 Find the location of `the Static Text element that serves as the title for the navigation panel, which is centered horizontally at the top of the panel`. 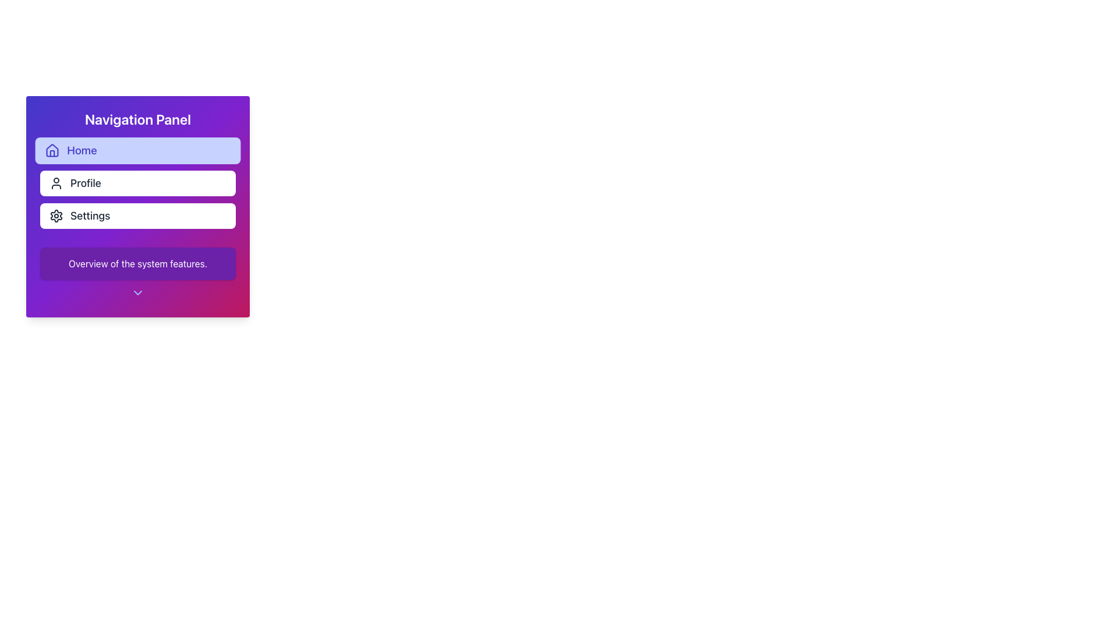

the Static Text element that serves as the title for the navigation panel, which is centered horizontally at the top of the panel is located at coordinates (137, 119).